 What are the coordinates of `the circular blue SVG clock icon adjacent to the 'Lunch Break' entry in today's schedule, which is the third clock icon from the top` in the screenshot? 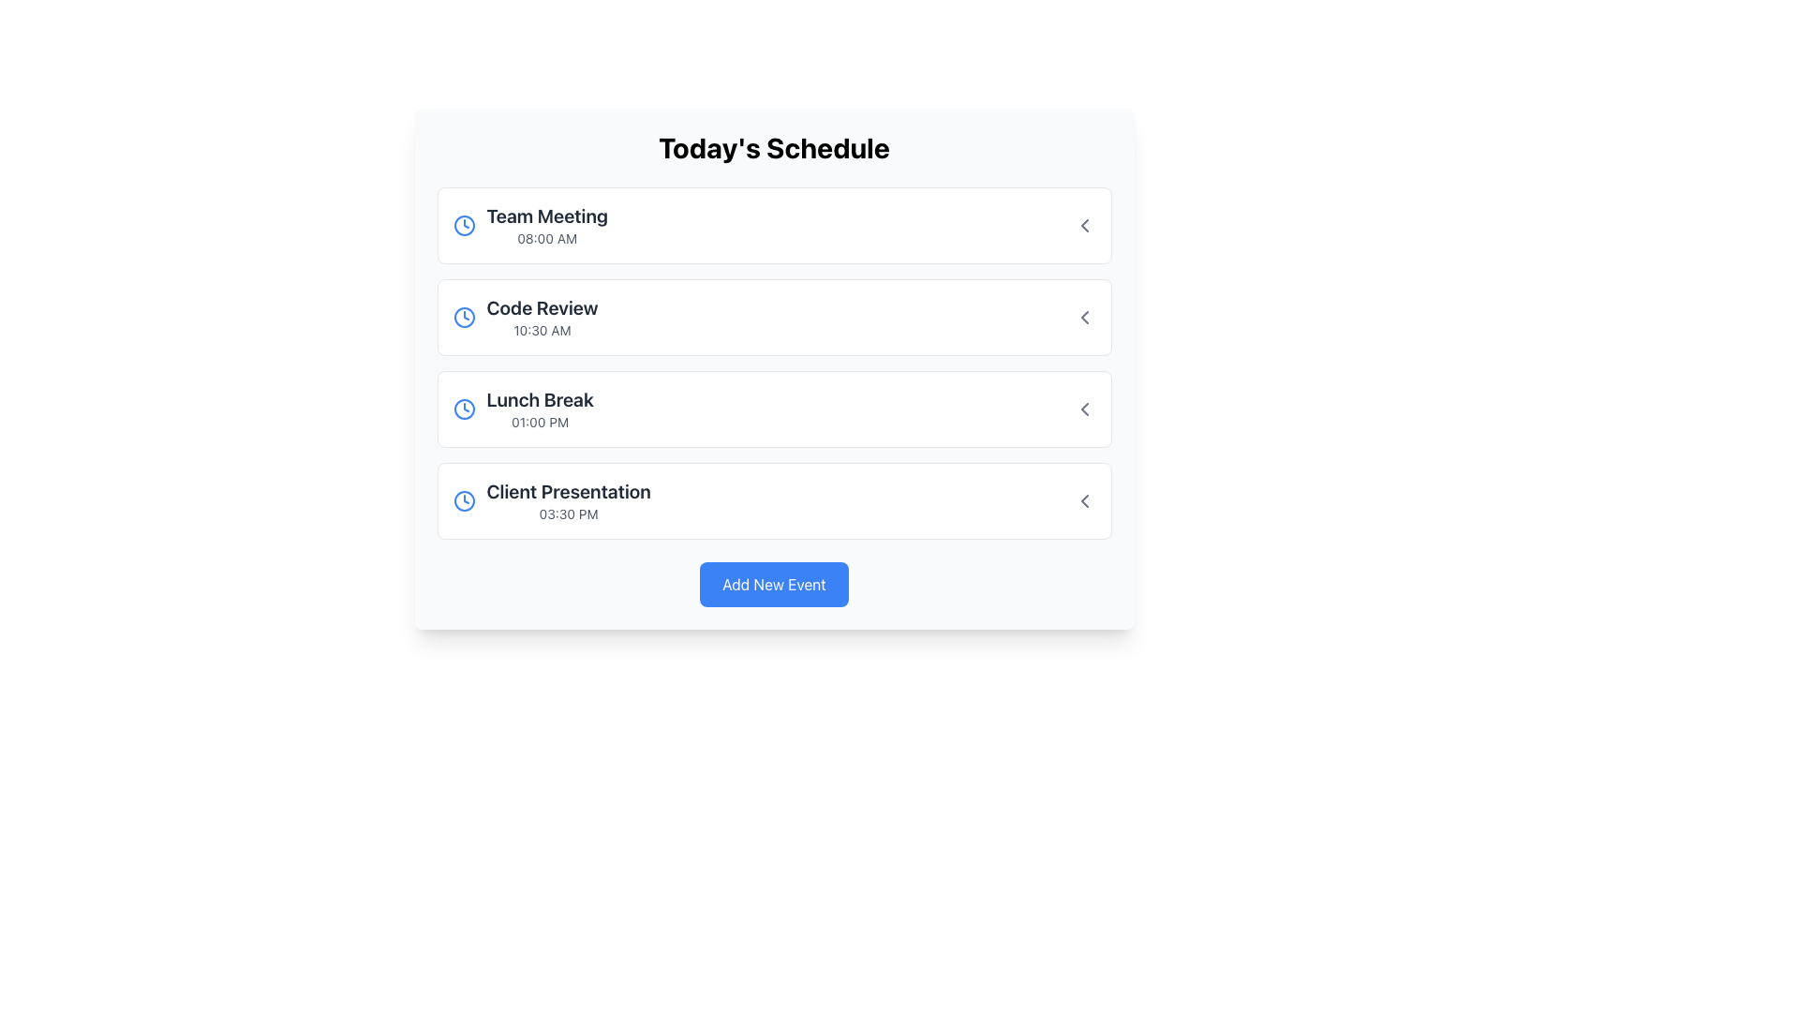 It's located at (464, 408).